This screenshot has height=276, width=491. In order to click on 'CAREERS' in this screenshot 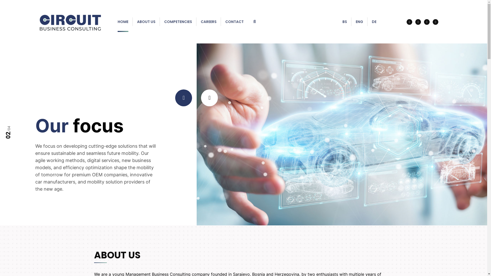, I will do `click(209, 21)`.